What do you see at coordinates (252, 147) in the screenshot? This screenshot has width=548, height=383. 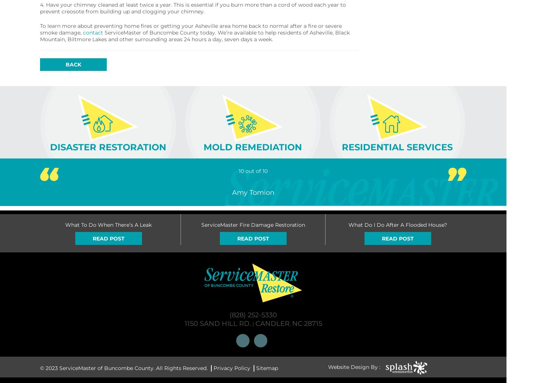 I see `'MOLD REMEDIATION'` at bounding box center [252, 147].